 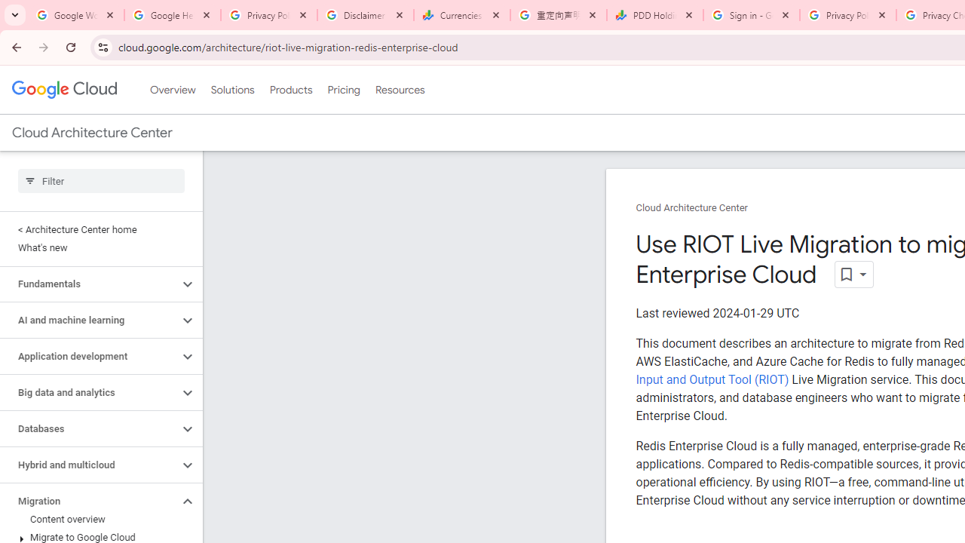 What do you see at coordinates (655, 15) in the screenshot?
I see `'PDD Holdings Inc - ADR (PDD) Price & News - Google Finance'` at bounding box center [655, 15].